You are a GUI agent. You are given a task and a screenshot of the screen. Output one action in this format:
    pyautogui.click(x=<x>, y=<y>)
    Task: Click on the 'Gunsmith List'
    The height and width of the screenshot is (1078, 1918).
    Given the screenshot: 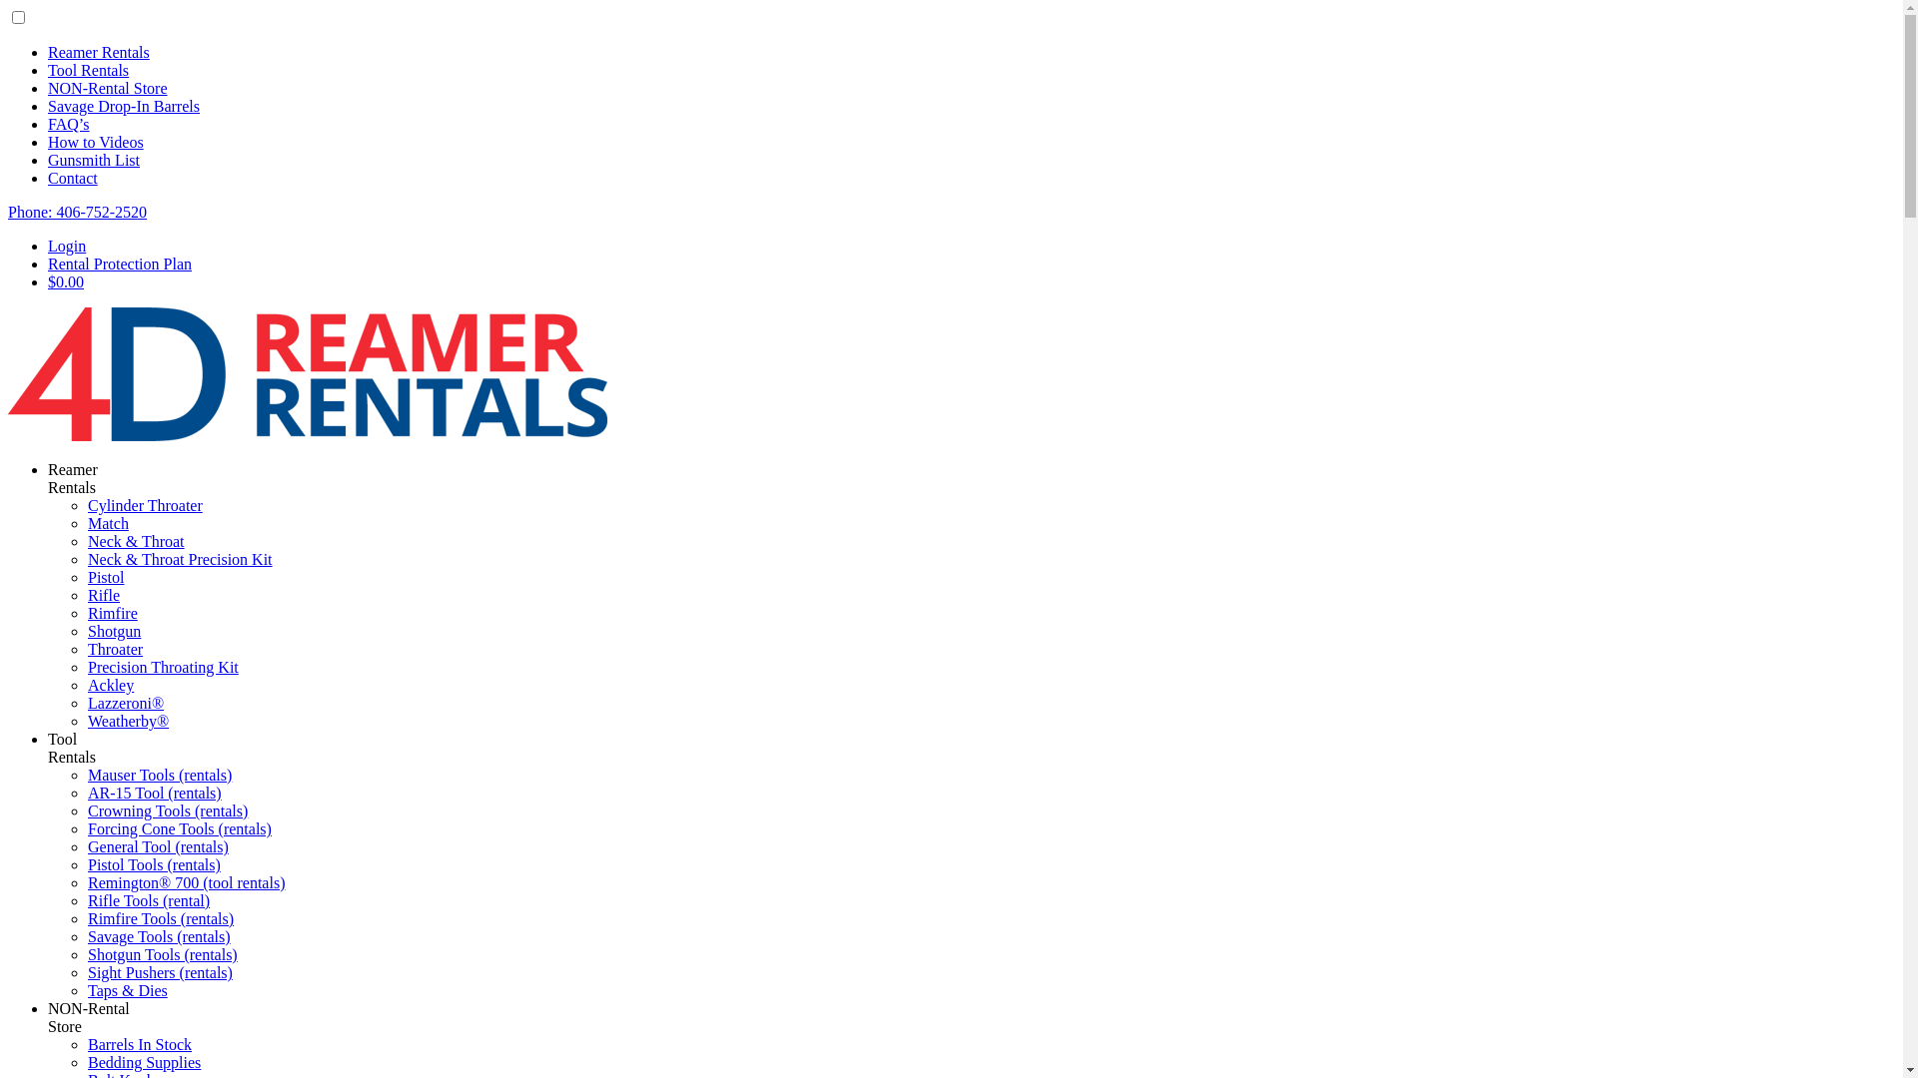 What is the action you would take?
    pyautogui.click(x=93, y=159)
    